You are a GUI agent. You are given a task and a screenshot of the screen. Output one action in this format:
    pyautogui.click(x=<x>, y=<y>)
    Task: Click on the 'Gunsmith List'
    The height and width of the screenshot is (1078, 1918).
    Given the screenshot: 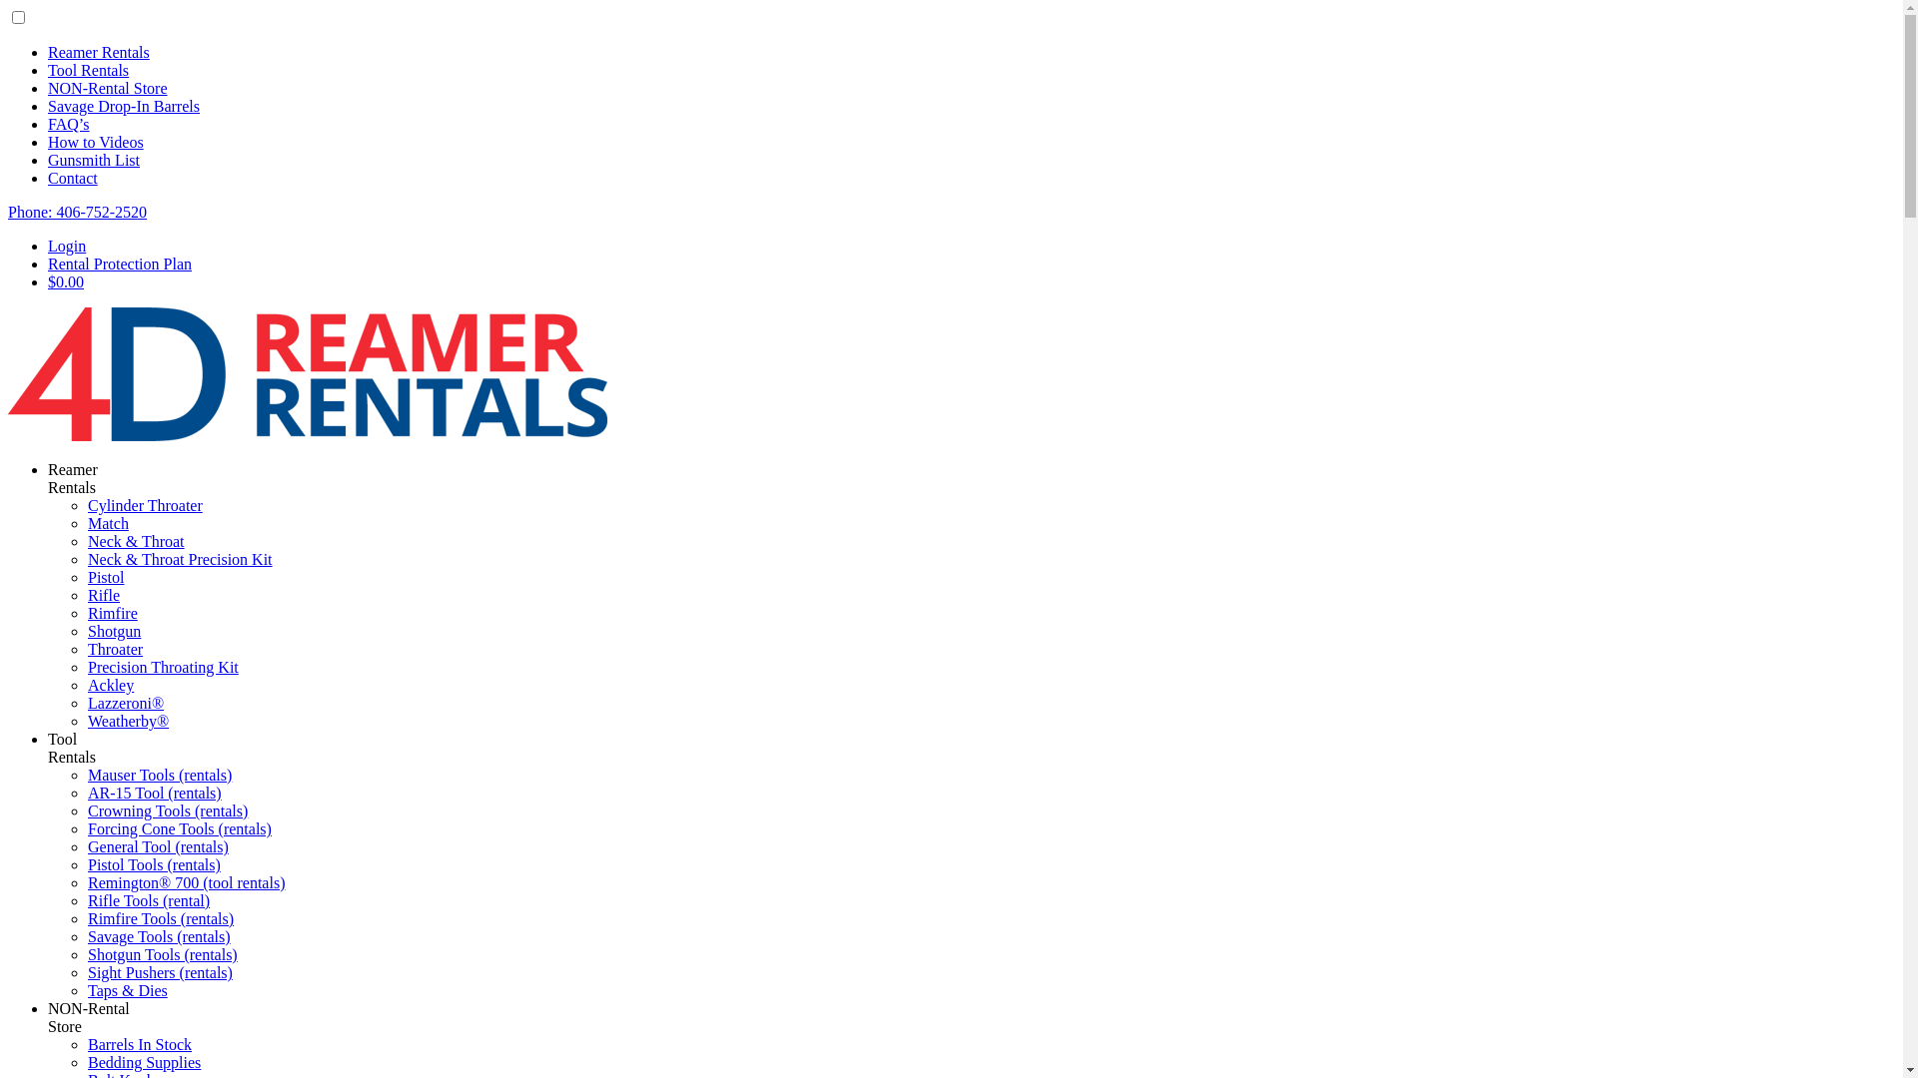 What is the action you would take?
    pyautogui.click(x=93, y=159)
    